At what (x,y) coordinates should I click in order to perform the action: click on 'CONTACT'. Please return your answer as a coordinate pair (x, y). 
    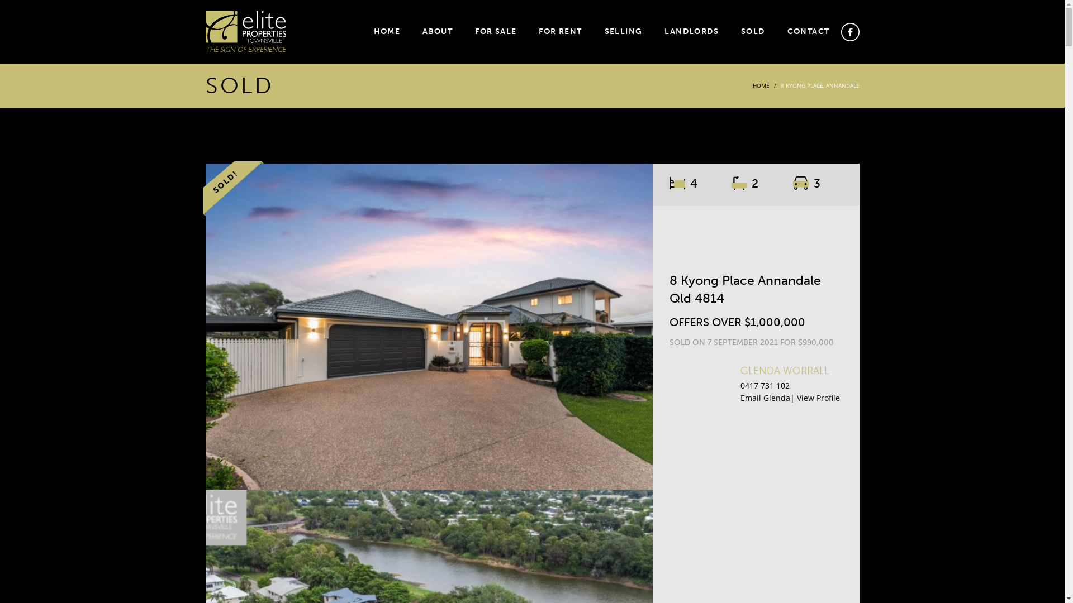
    Looking at the image, I should click on (781, 31).